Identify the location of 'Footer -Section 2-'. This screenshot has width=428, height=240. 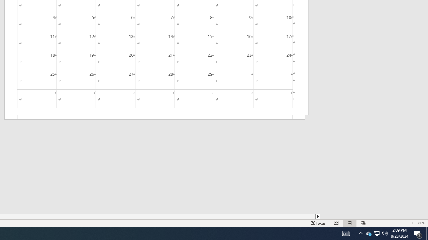
(154, 117).